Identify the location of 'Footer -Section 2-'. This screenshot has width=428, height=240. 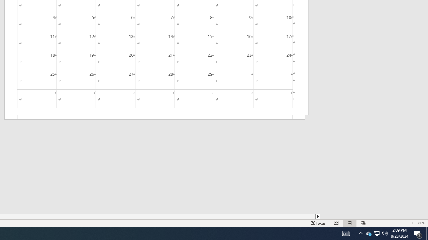
(154, 117).